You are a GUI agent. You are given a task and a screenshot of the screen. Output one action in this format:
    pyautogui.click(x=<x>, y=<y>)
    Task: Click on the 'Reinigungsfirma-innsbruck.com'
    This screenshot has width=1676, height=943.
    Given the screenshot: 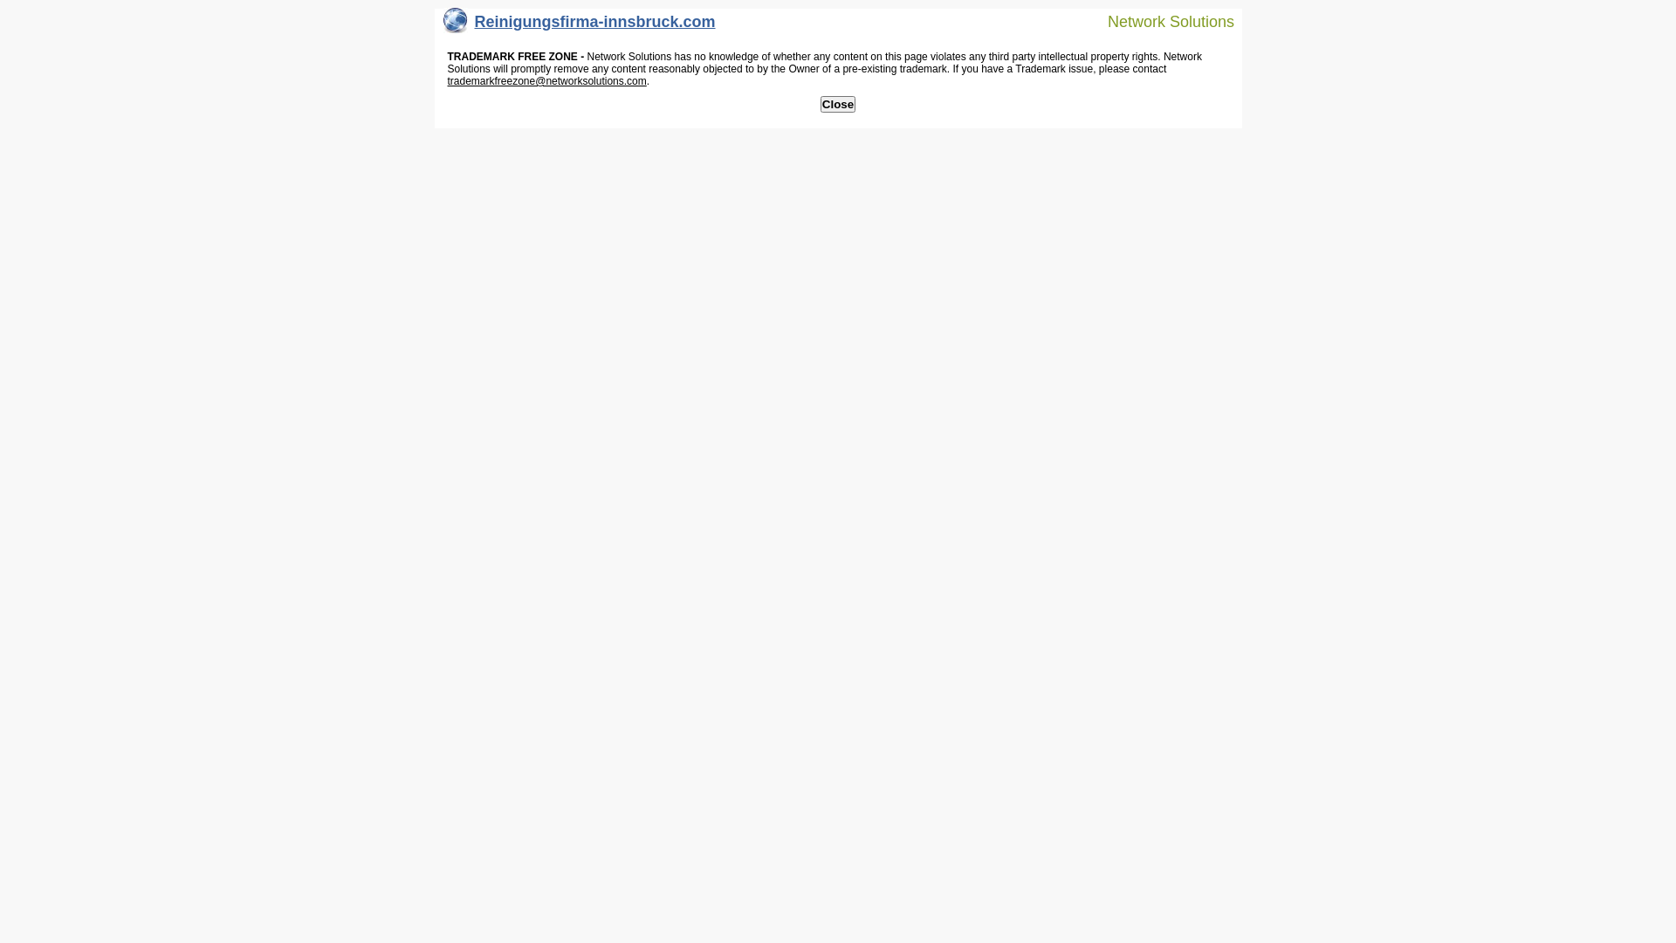 What is the action you would take?
    pyautogui.click(x=579, y=25)
    